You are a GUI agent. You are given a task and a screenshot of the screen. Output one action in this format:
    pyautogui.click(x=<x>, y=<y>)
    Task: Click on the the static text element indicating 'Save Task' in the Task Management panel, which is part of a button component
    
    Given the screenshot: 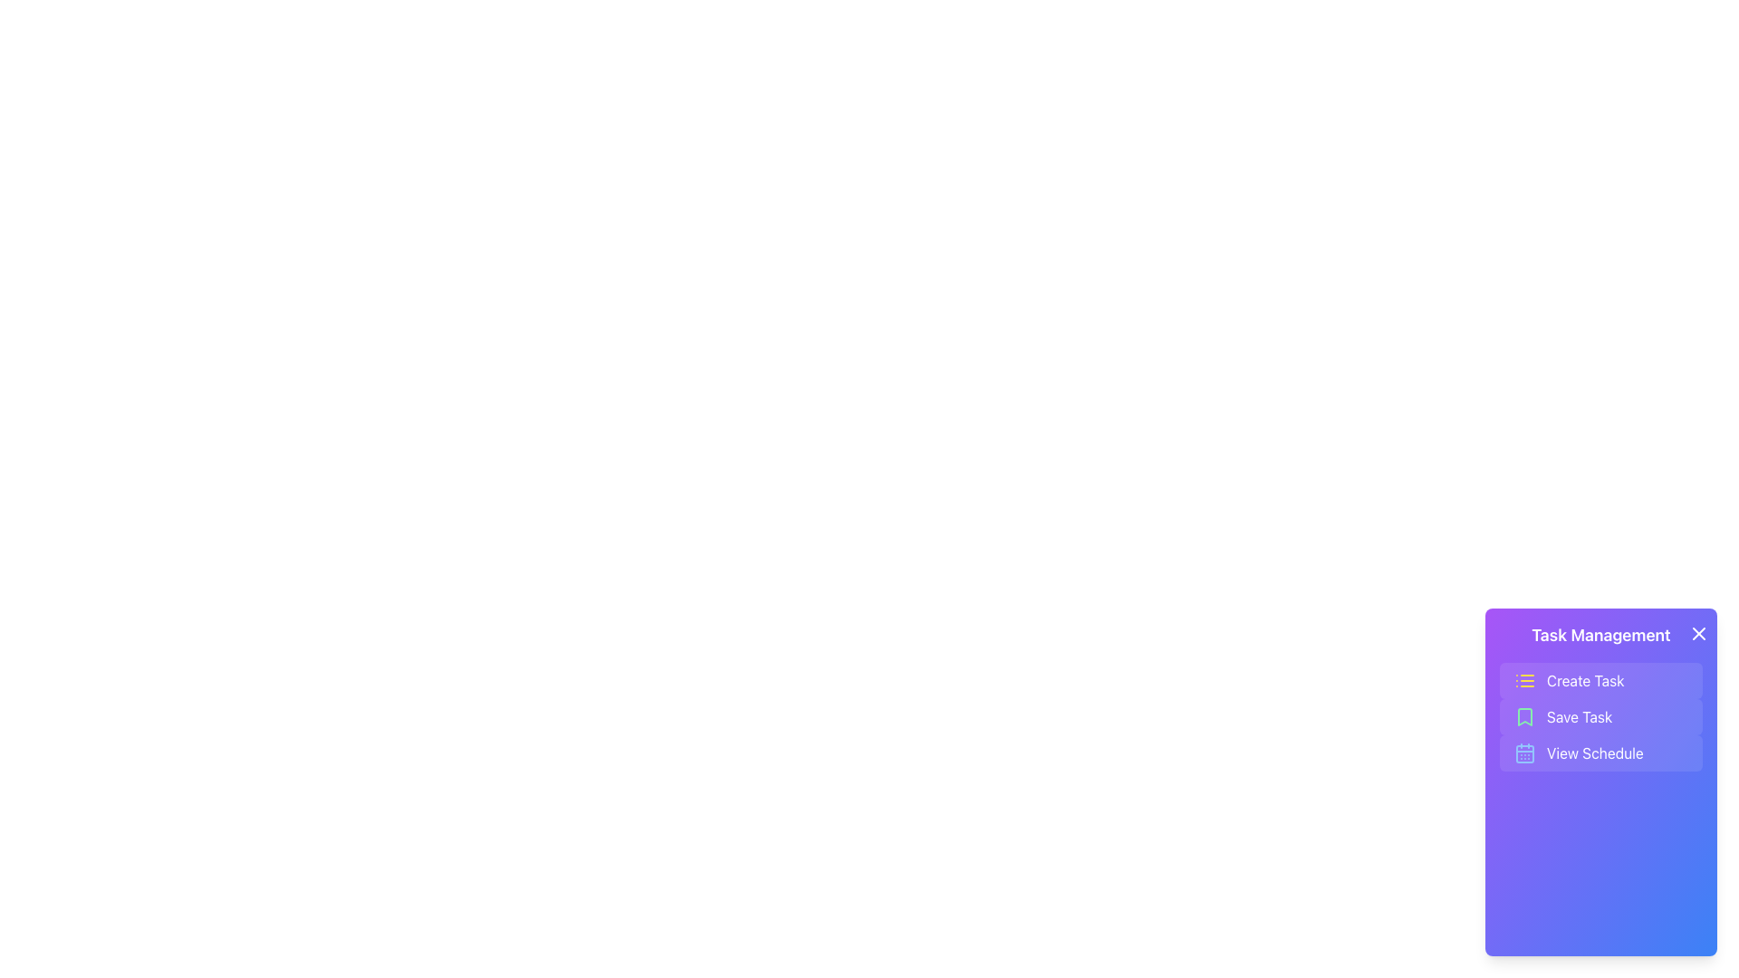 What is the action you would take?
    pyautogui.click(x=1579, y=715)
    